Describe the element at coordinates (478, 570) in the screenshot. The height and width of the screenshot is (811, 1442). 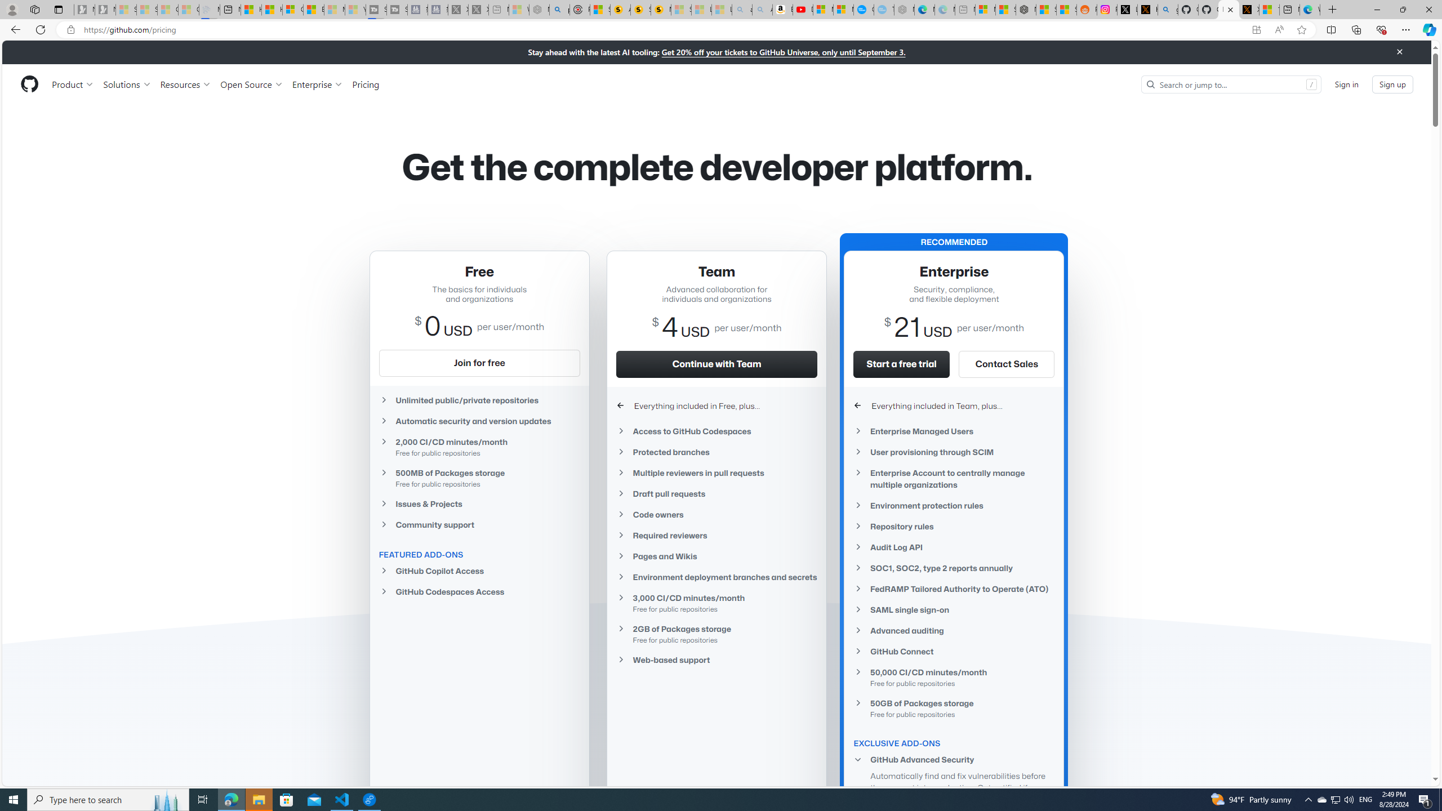
I see `'GitHub Copilot Access'` at that location.